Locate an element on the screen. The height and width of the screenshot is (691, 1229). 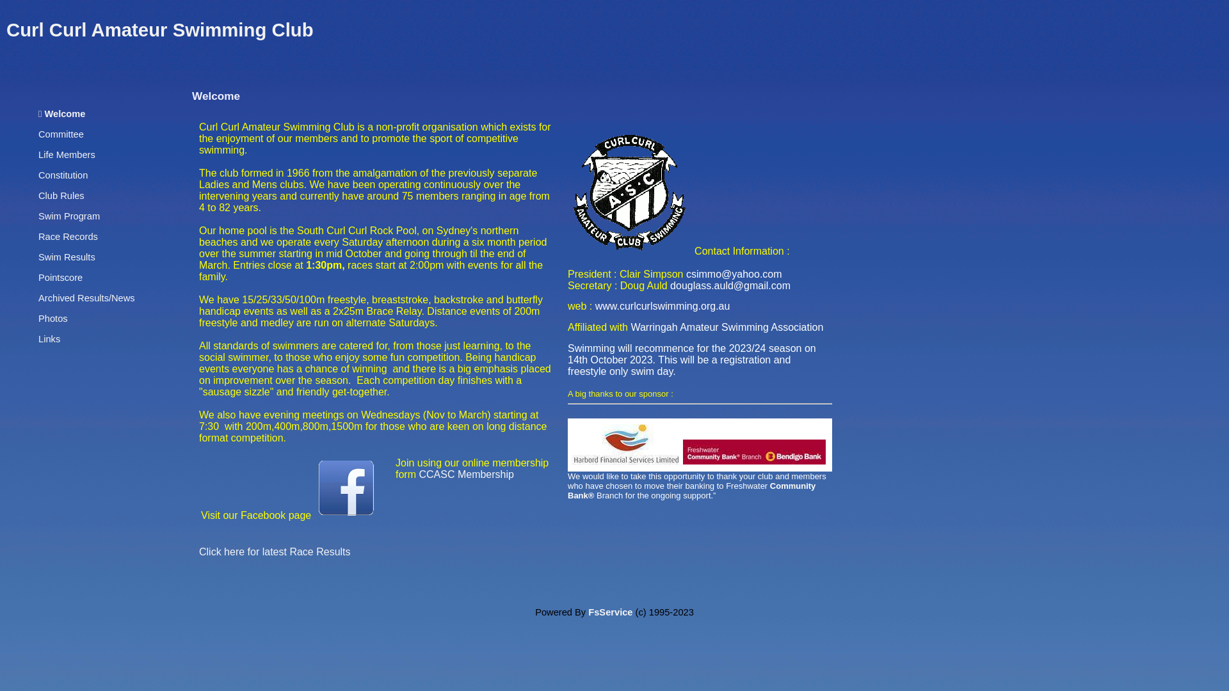
'www.curlcurlswimming.org.au' is located at coordinates (663, 306).